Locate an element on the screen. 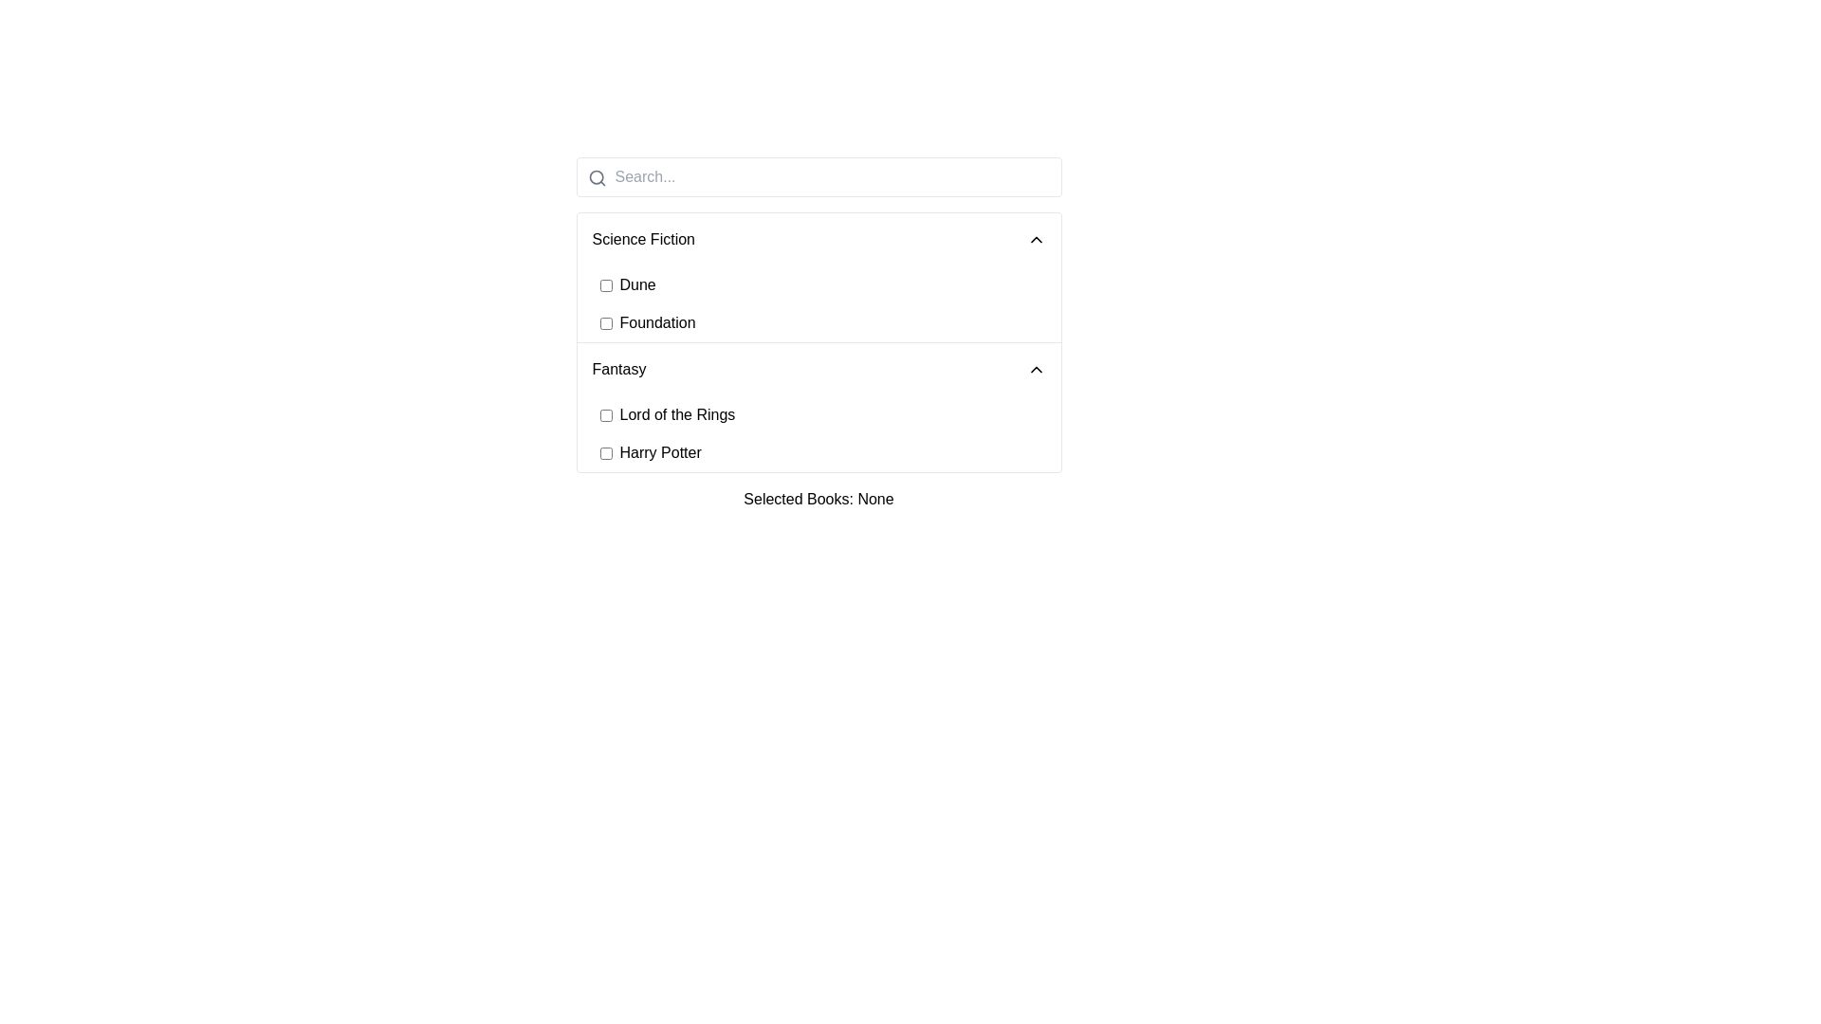 The image size is (1821, 1024). the checkbox for the 'Dune' option in the 'Science Fiction' category is located at coordinates (604, 284).